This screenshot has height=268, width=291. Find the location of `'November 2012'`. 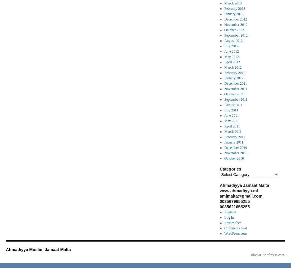

'November 2012' is located at coordinates (235, 24).